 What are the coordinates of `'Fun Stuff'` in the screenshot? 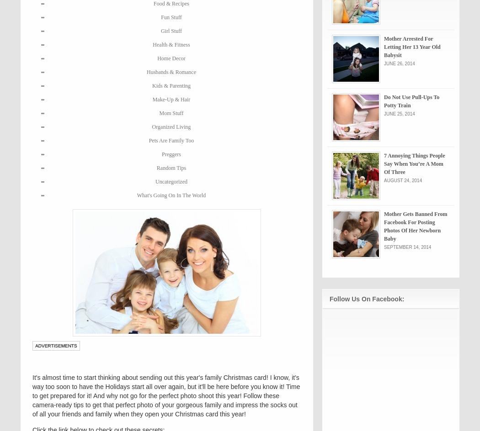 It's located at (171, 17).